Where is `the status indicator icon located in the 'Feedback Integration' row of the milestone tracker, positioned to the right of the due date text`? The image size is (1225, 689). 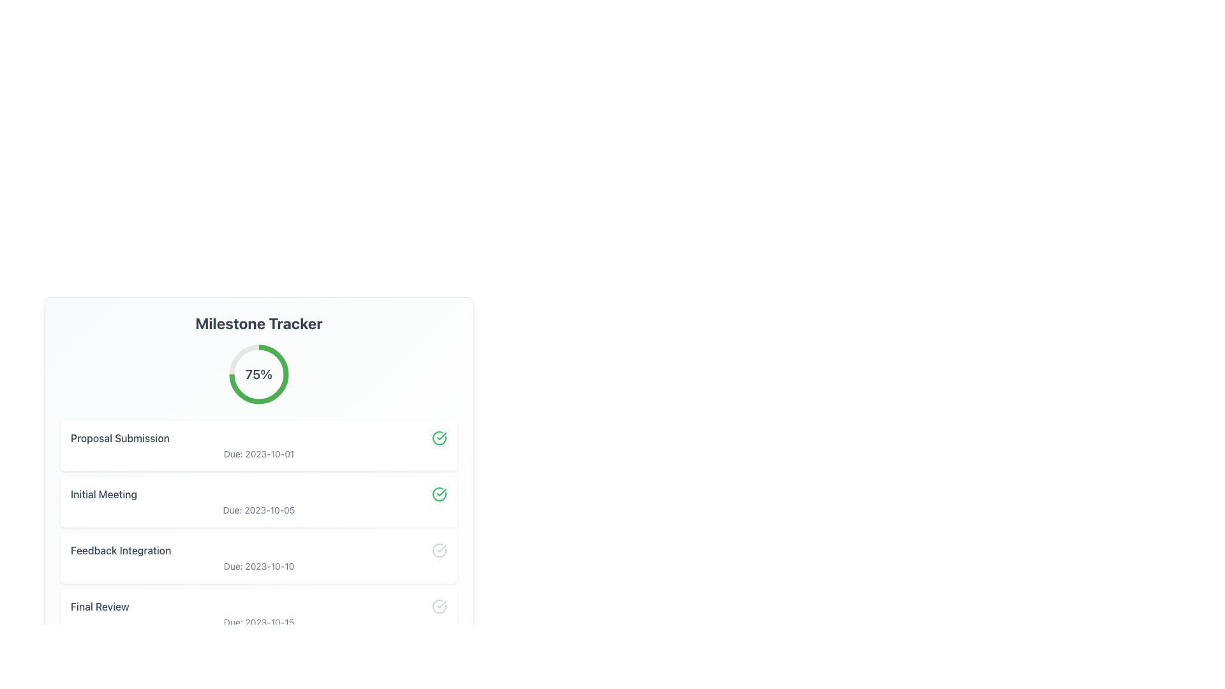
the status indicator icon located in the 'Feedback Integration' row of the milestone tracker, positioned to the right of the due date text is located at coordinates (440, 550).